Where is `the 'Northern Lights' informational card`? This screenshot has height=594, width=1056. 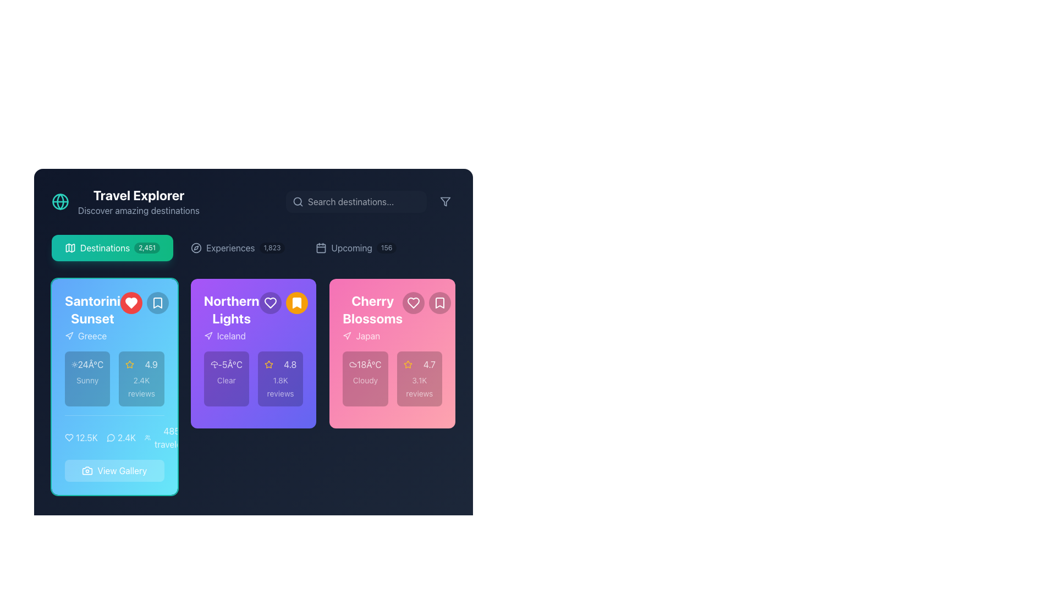 the 'Northern Lights' informational card is located at coordinates (252, 354).